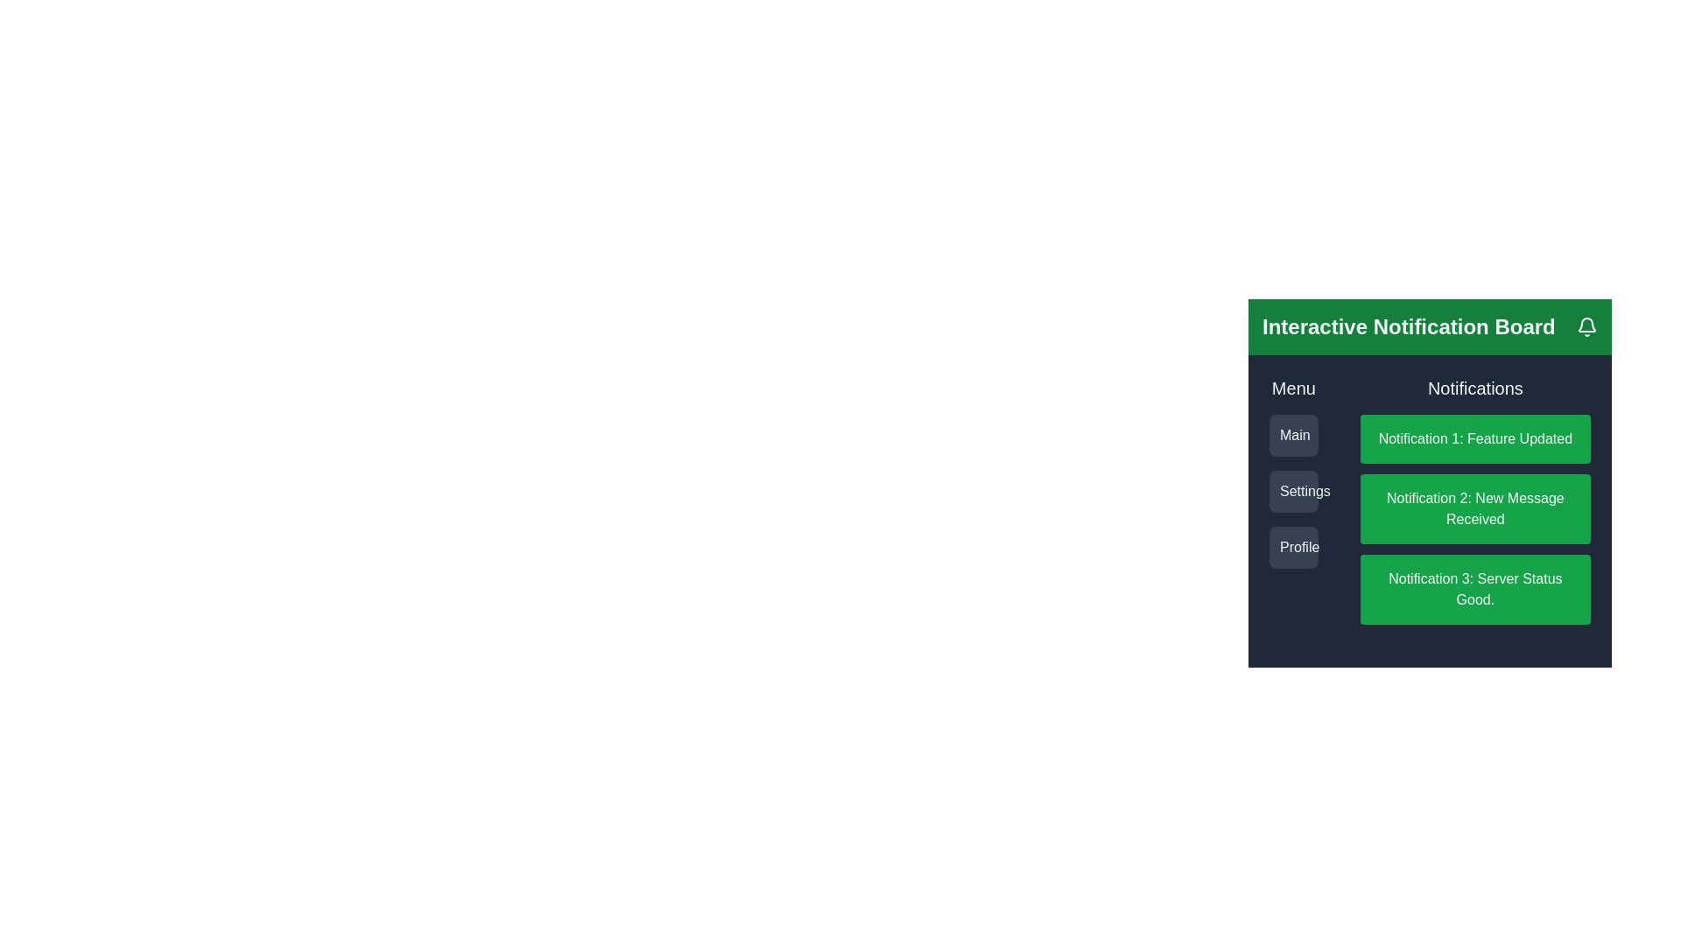 Image resolution: width=1681 pixels, height=945 pixels. What do you see at coordinates (1587, 327) in the screenshot?
I see `the bell-shaped notification icon outlined in white located at the top-right corner of the green header section` at bounding box center [1587, 327].